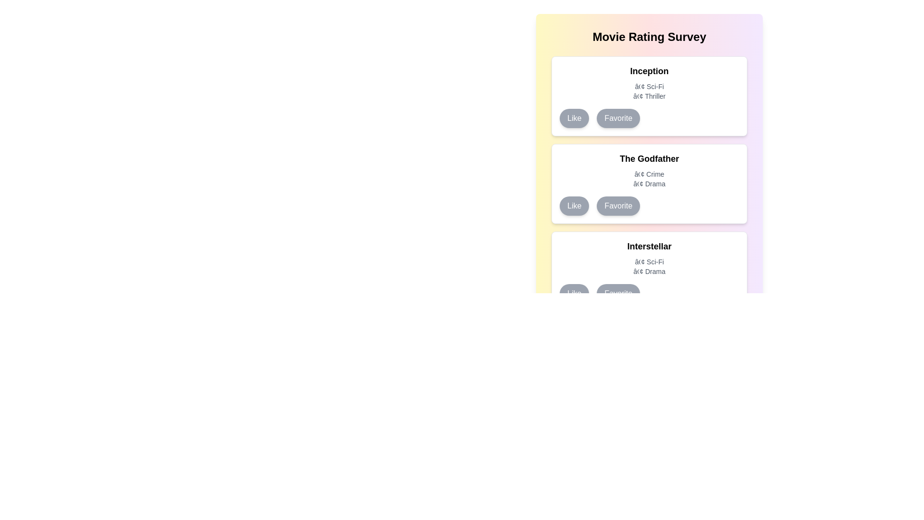 This screenshot has width=924, height=520. Describe the element at coordinates (649, 174) in the screenshot. I see `the text label that reads '• Crime' in gray color, located within the details section of 'The Godfather' card, just above the text '• Drama'` at that location.